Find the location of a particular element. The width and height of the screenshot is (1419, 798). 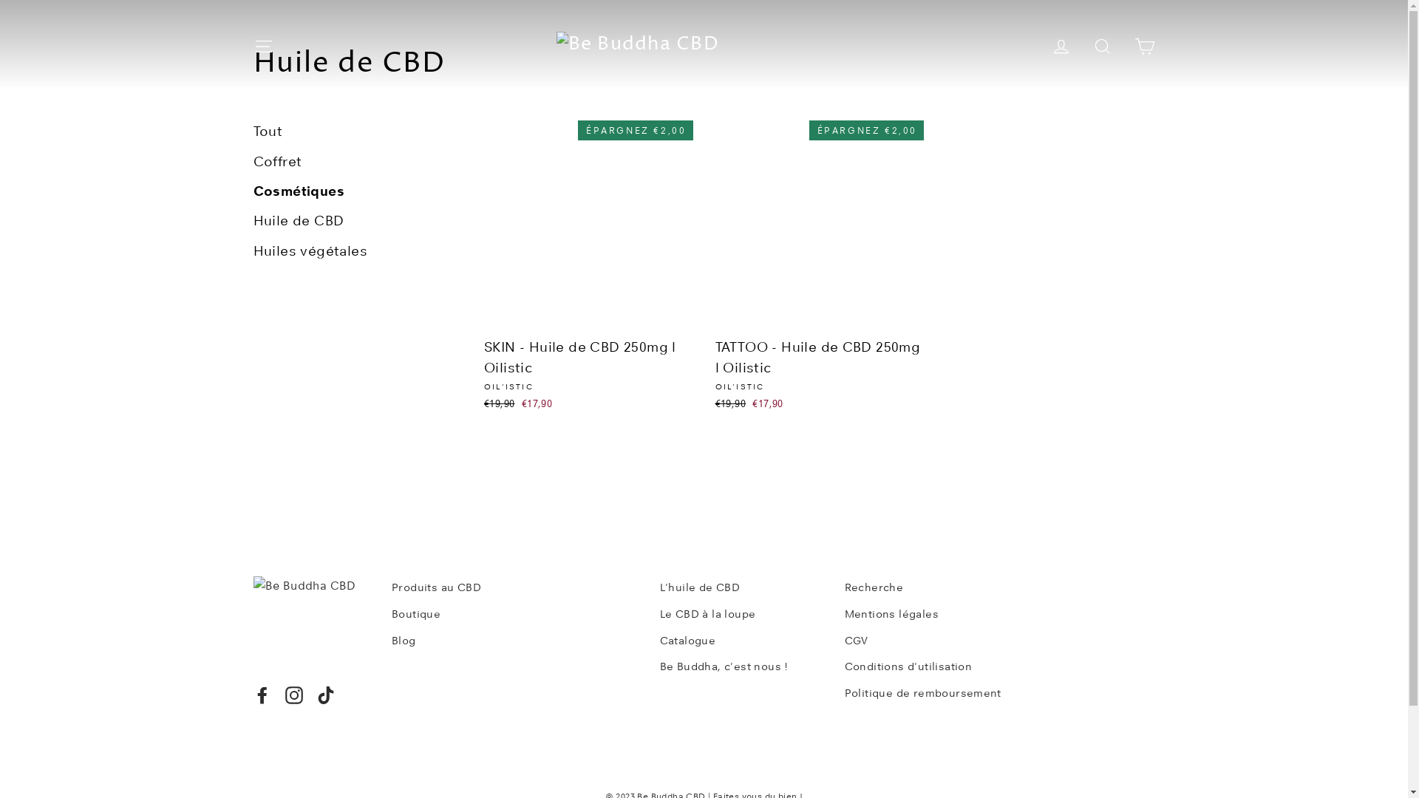

'Navigation' is located at coordinates (262, 44).